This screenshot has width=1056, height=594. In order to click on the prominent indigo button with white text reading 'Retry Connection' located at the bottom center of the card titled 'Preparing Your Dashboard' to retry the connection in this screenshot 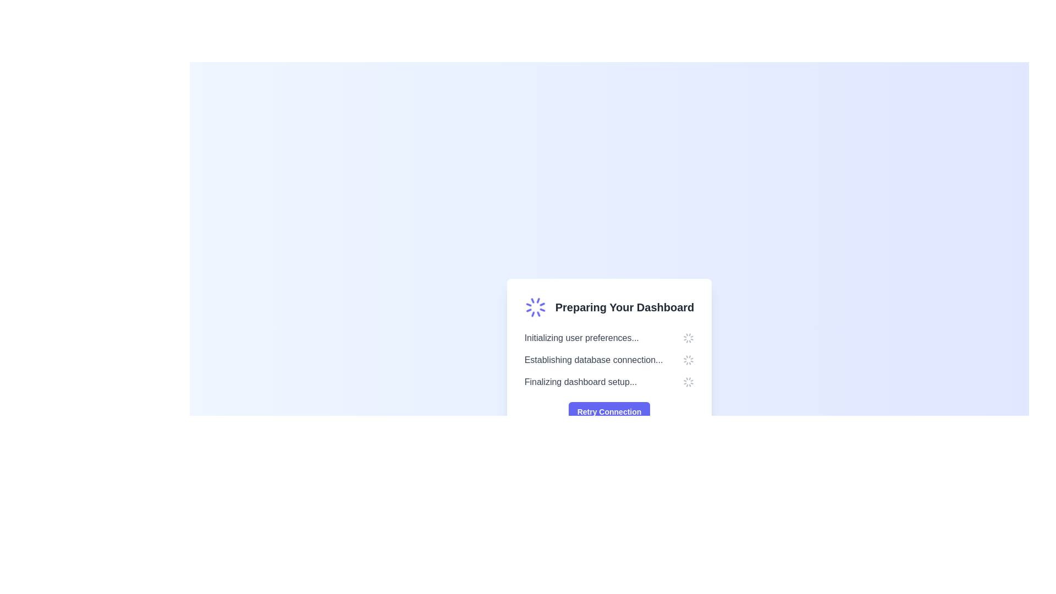, I will do `click(609, 411)`.